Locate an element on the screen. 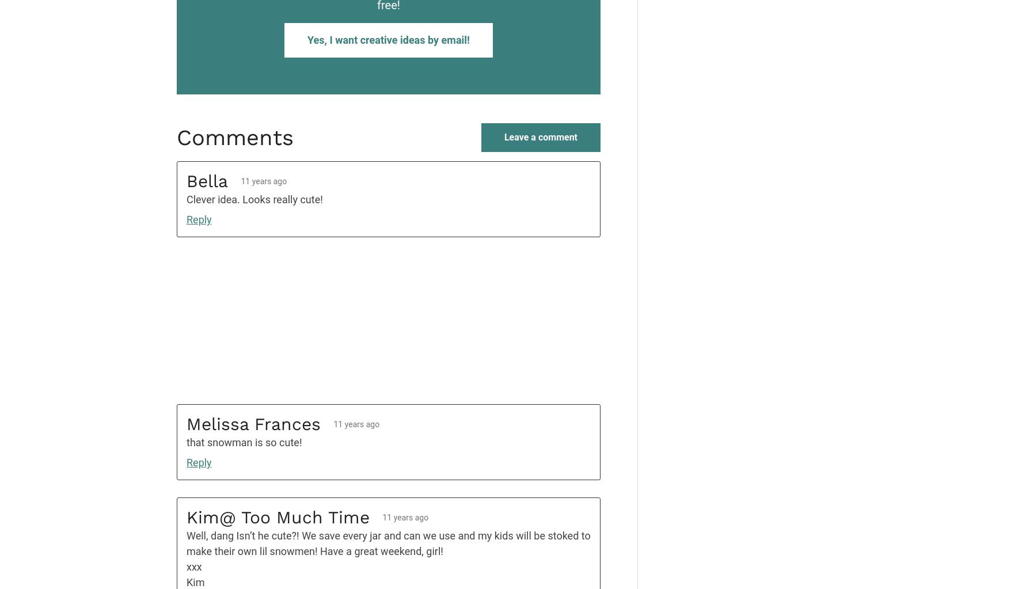  'Well, dang Isn’t he cute?! We save every jar and can we use and my kids will be stoked to make their own lil snowmen! Have a great weekend, girl!' is located at coordinates (387, 543).